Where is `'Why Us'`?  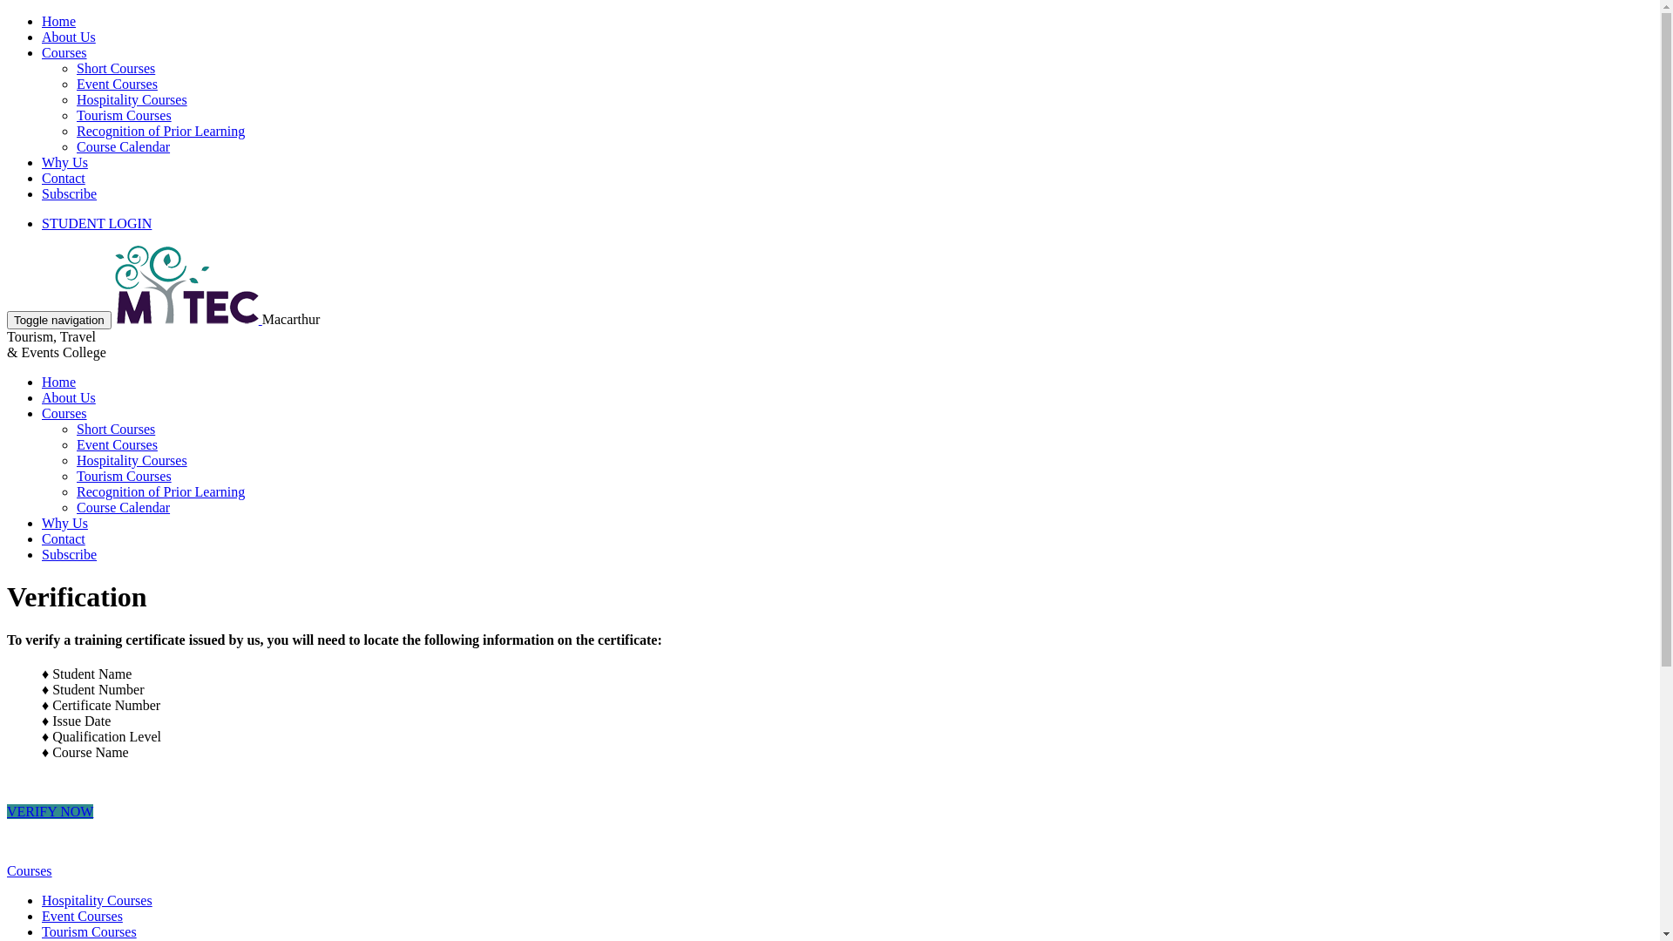
'Why Us' is located at coordinates (64, 162).